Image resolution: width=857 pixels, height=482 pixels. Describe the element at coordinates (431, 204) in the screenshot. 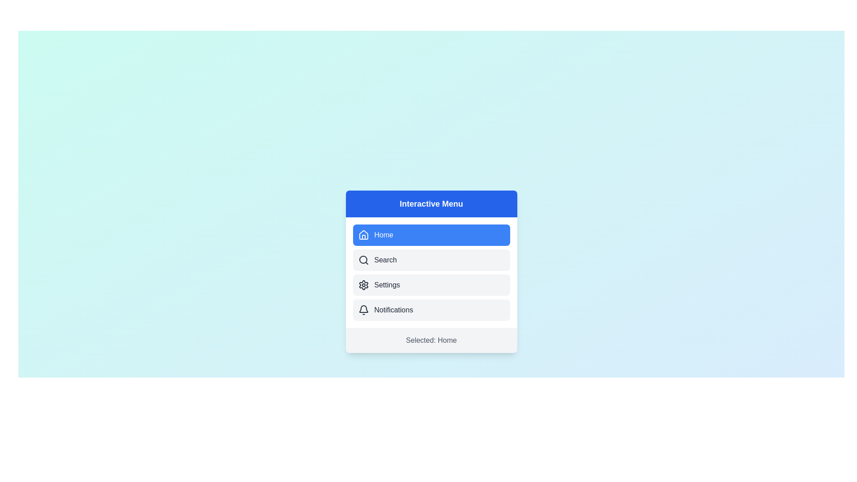

I see `the header of the EnhancedMenu component to inspect its properties` at that location.